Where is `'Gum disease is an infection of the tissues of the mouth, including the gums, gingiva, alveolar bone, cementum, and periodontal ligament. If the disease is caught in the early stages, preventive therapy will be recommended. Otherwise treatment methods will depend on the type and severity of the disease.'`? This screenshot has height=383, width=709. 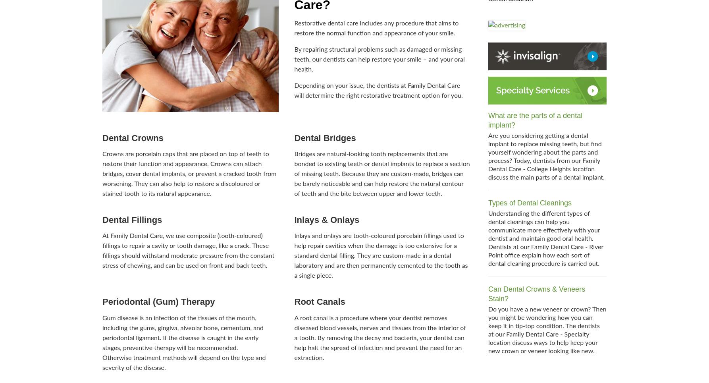 'Gum disease is an infection of the tissues of the mouth, including the gums, gingiva, alveolar bone, cementum, and periodontal ligament. If the disease is caught in the early stages, preventive therapy will be recommended. Otherwise treatment methods will depend on the type and severity of the disease.' is located at coordinates (183, 342).